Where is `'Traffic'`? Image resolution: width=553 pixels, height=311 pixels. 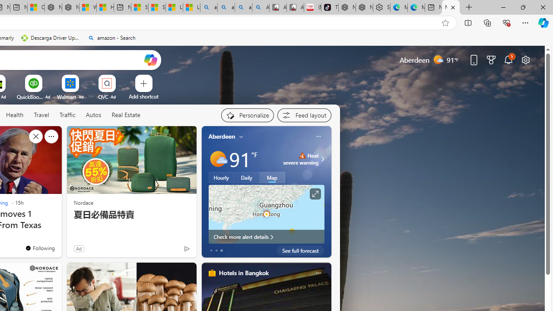
'Traffic' is located at coordinates (67, 114).